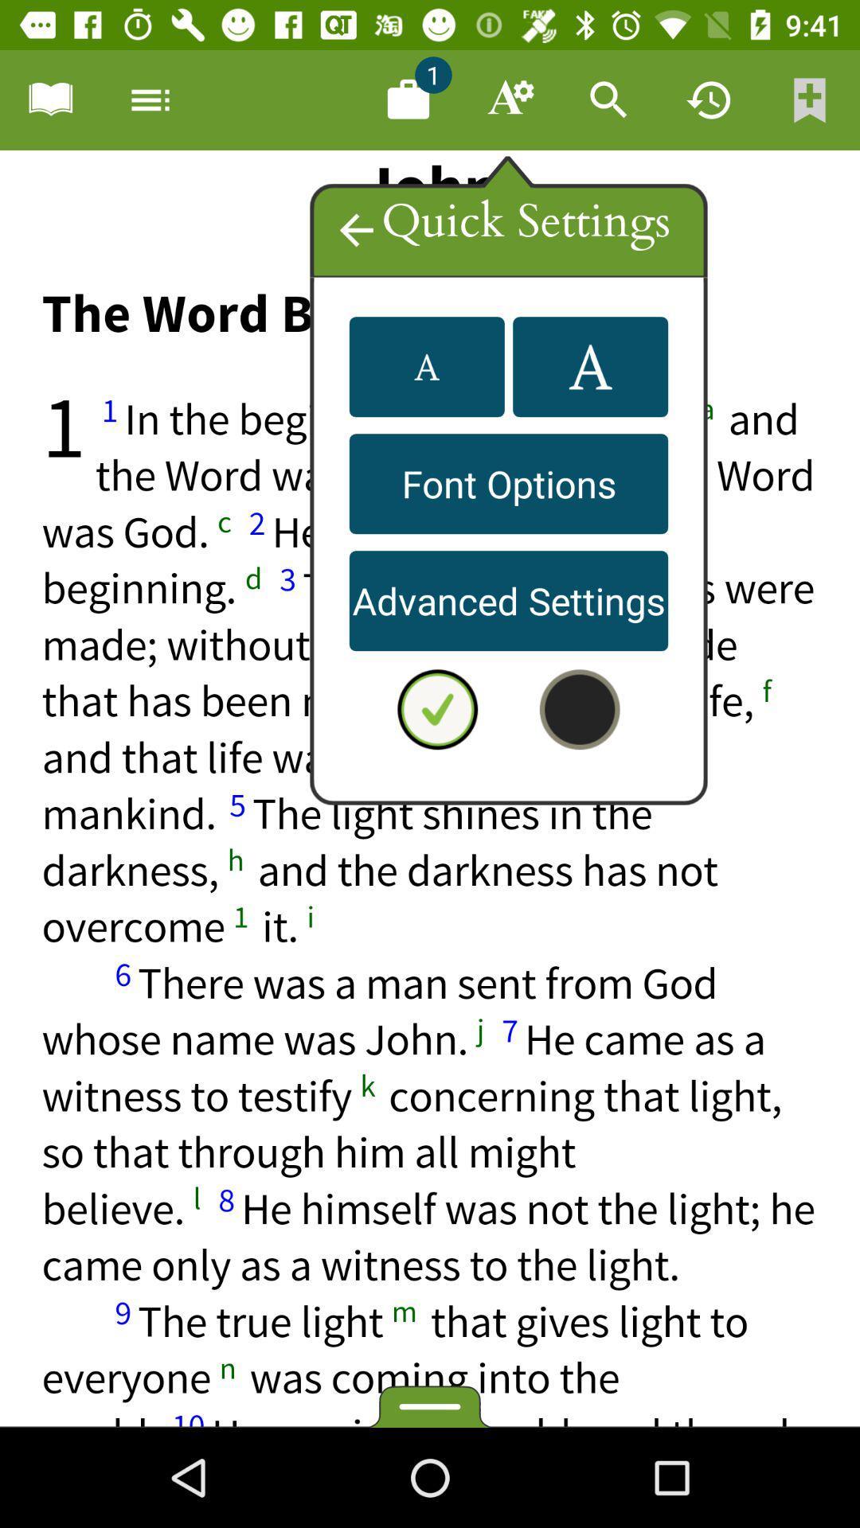  Describe the element at coordinates (408, 99) in the screenshot. I see `1 document available` at that location.